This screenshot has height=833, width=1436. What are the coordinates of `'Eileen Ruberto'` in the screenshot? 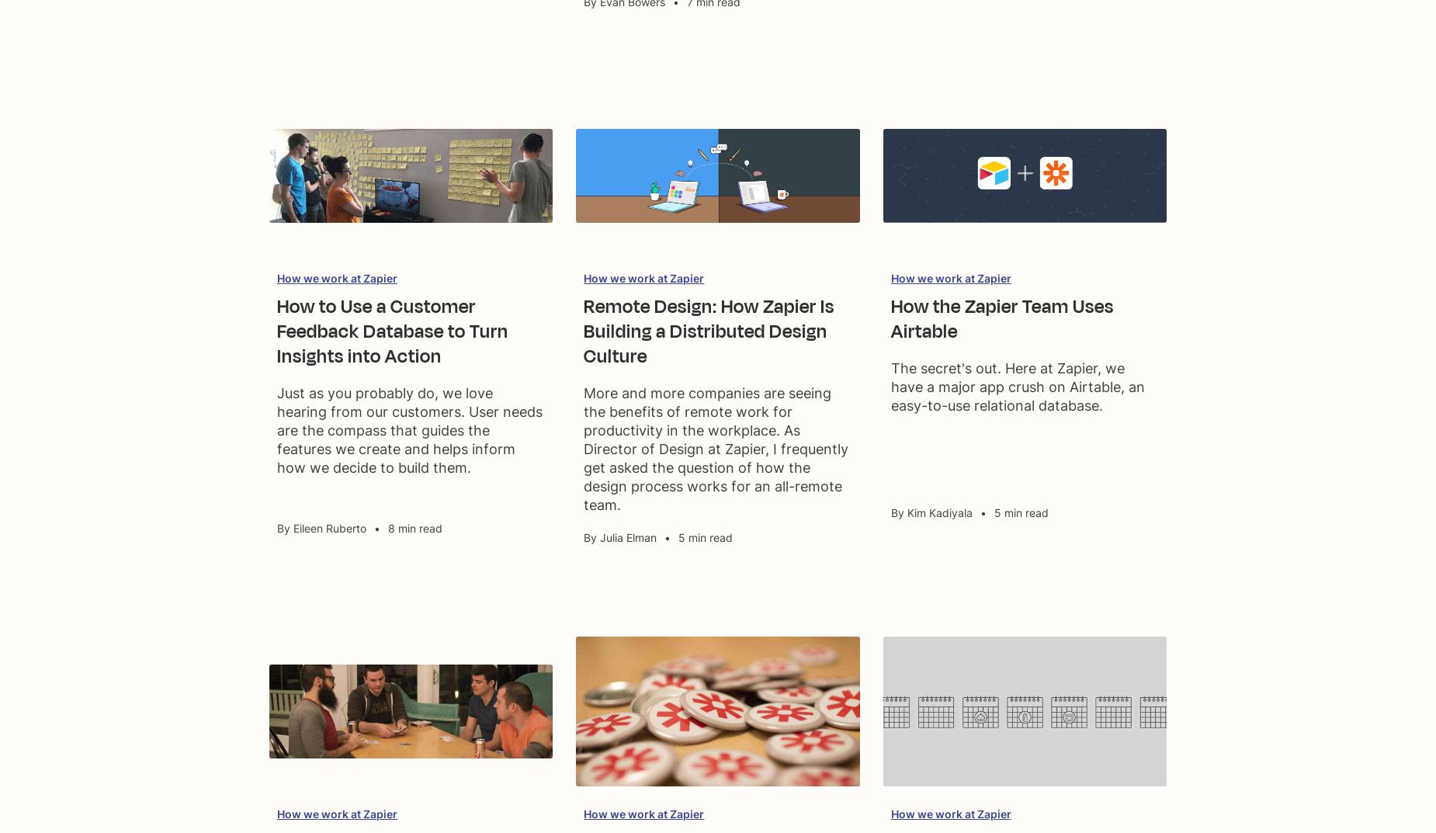 It's located at (292, 528).